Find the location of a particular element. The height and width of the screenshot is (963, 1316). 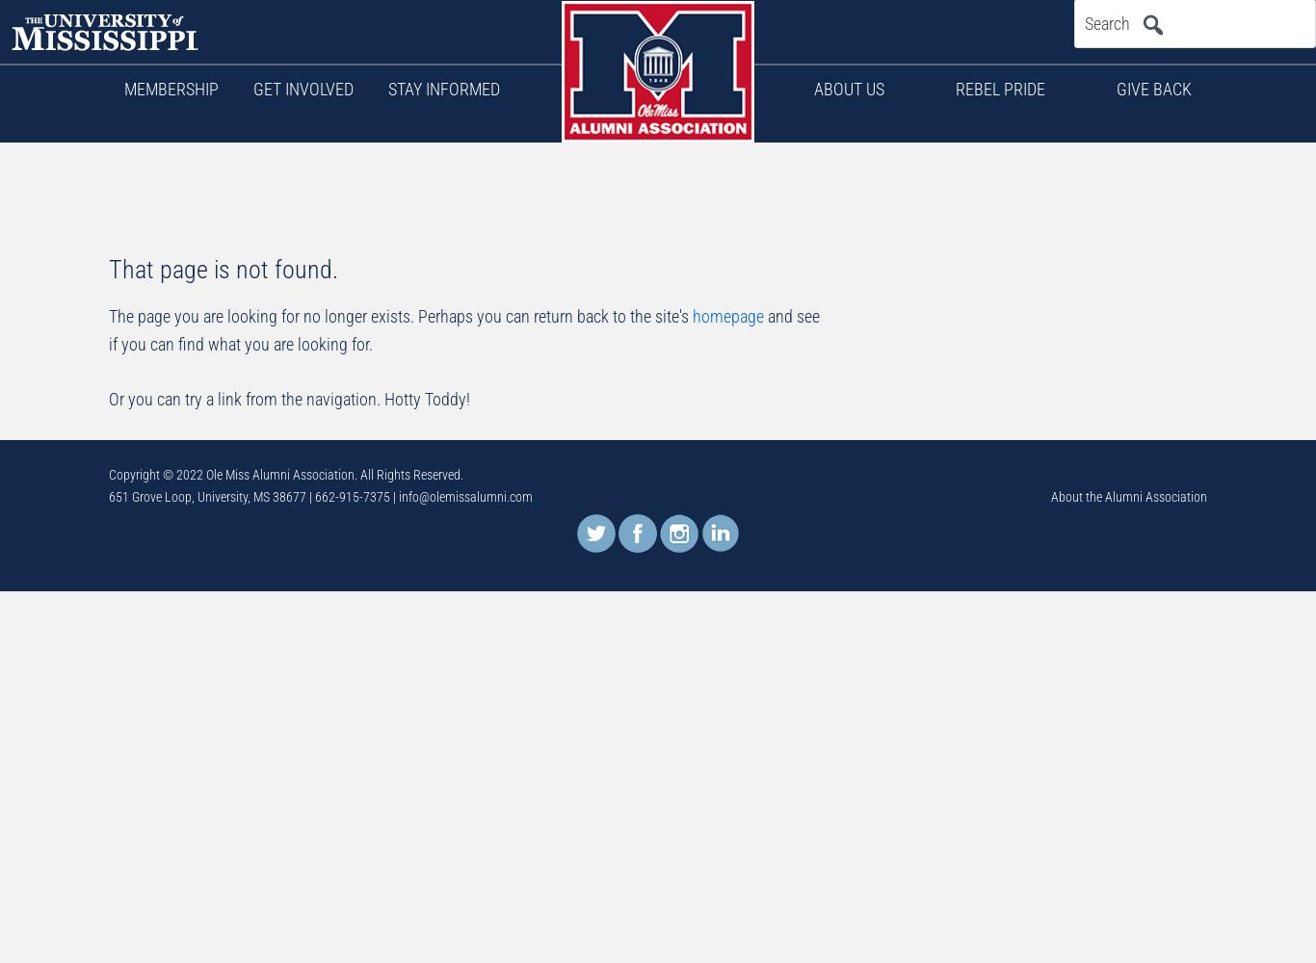

'GIVE BACK' is located at coordinates (1153, 88).